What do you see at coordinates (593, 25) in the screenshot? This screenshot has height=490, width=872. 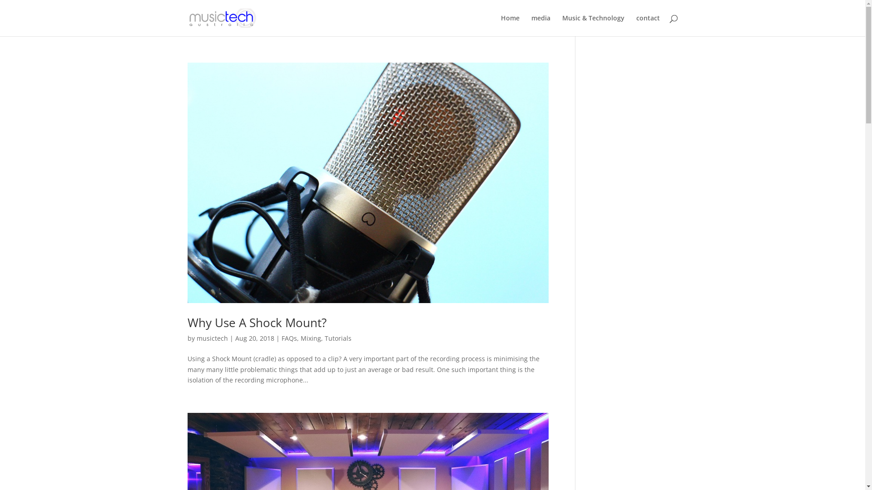 I see `'Music & Technology'` at bounding box center [593, 25].